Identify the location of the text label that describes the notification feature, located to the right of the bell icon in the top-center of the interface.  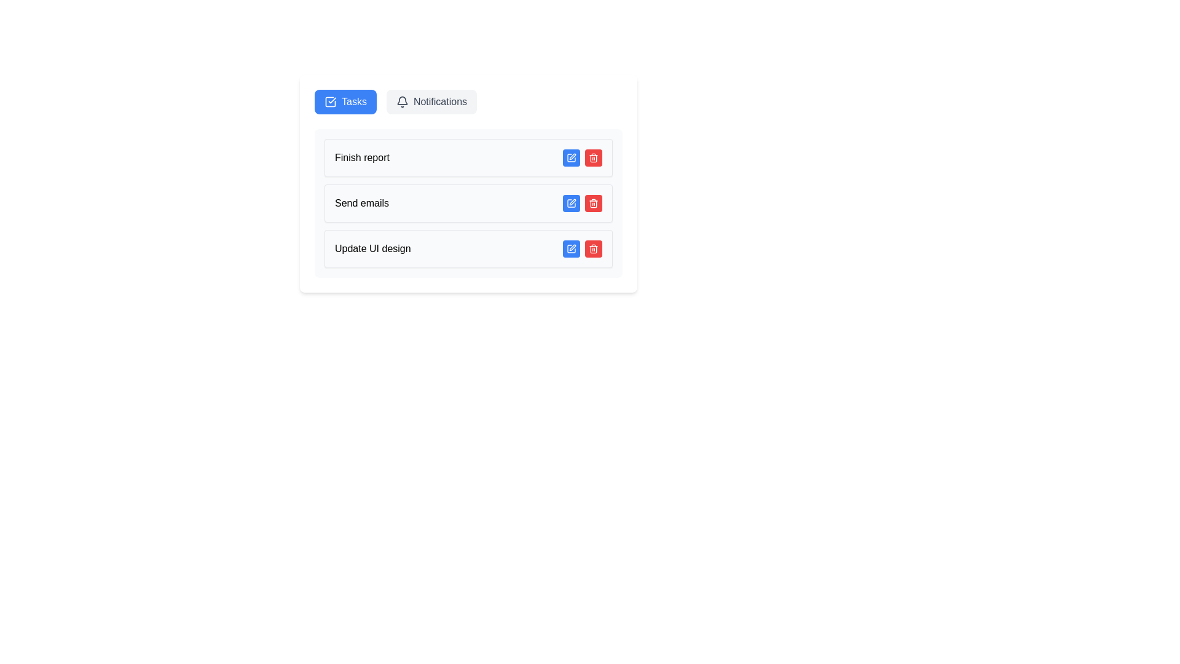
(440, 101).